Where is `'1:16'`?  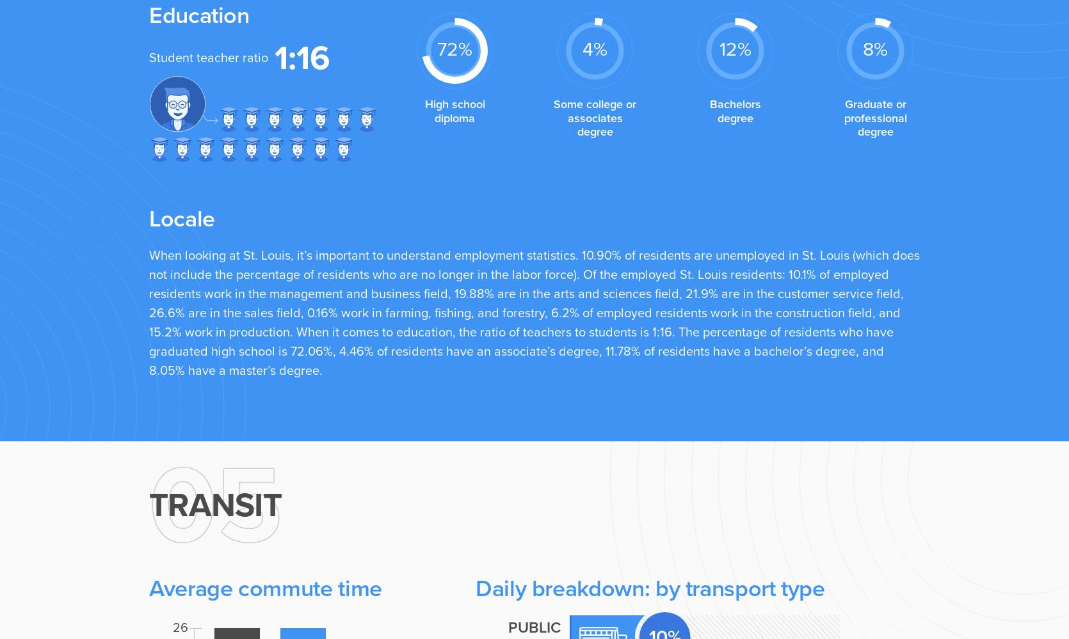
'1:16' is located at coordinates (301, 58).